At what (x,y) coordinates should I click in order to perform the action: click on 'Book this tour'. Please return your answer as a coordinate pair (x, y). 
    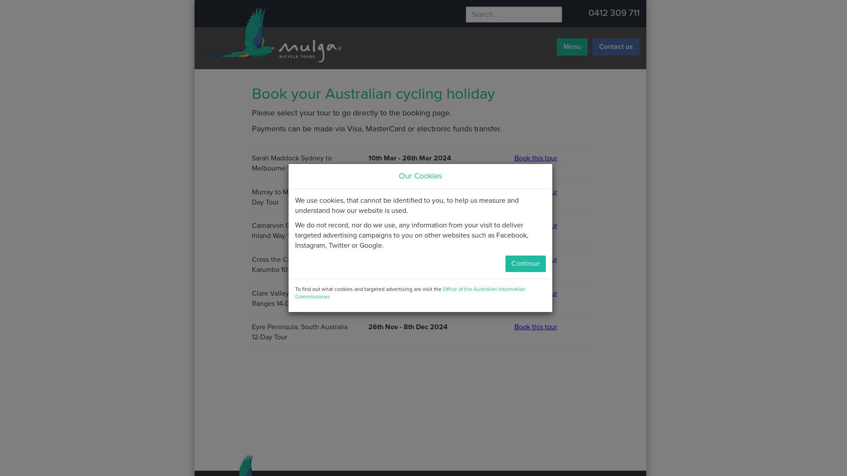
    Looking at the image, I should click on (551, 158).